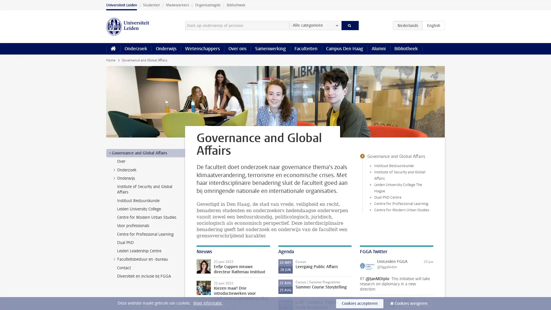 The height and width of the screenshot is (310, 551). I want to click on Cookies accepteren, so click(359, 303).